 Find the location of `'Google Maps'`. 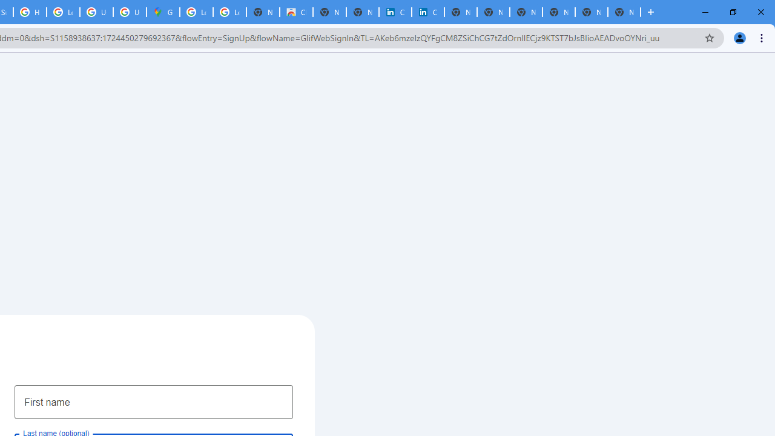

'Google Maps' is located at coordinates (162, 12).